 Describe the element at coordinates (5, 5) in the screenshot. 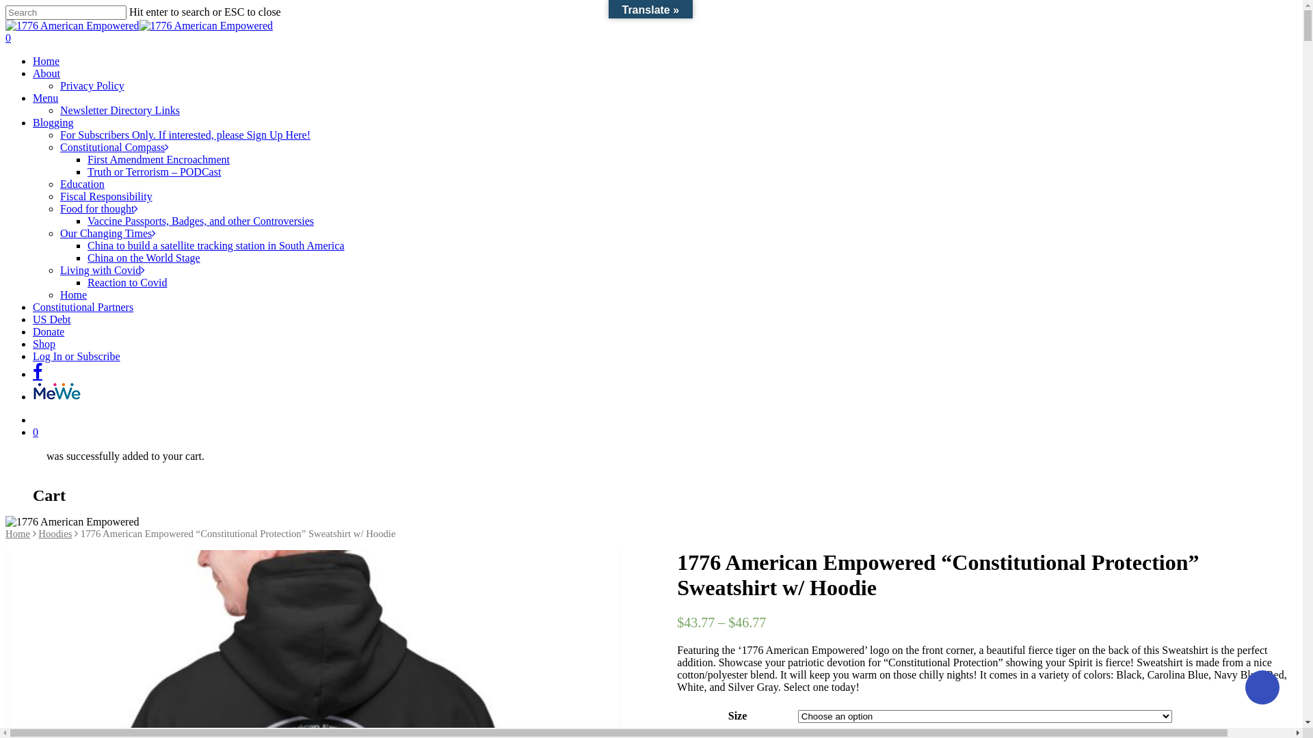

I see `'Skip to main content'` at that location.